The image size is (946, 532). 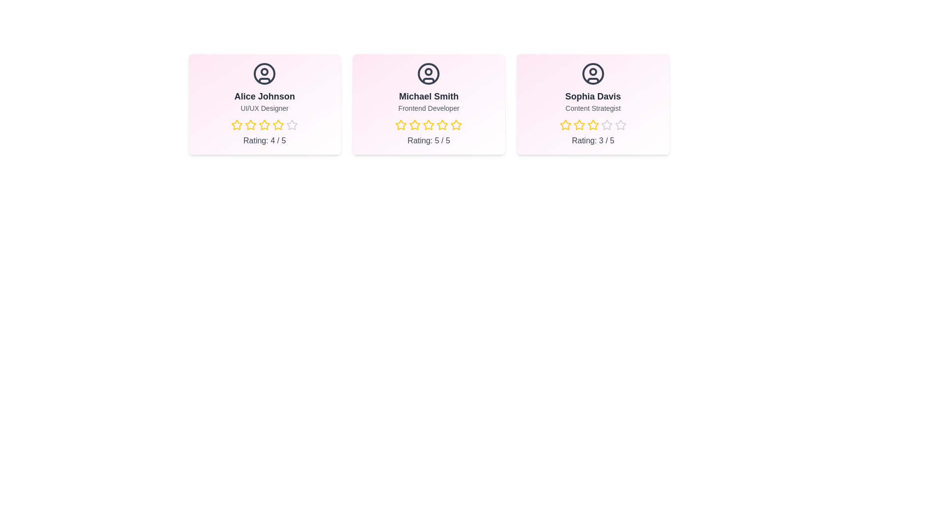 What do you see at coordinates (559, 125) in the screenshot?
I see `the star corresponding to 1 stars for the team member Sophia Davis` at bounding box center [559, 125].